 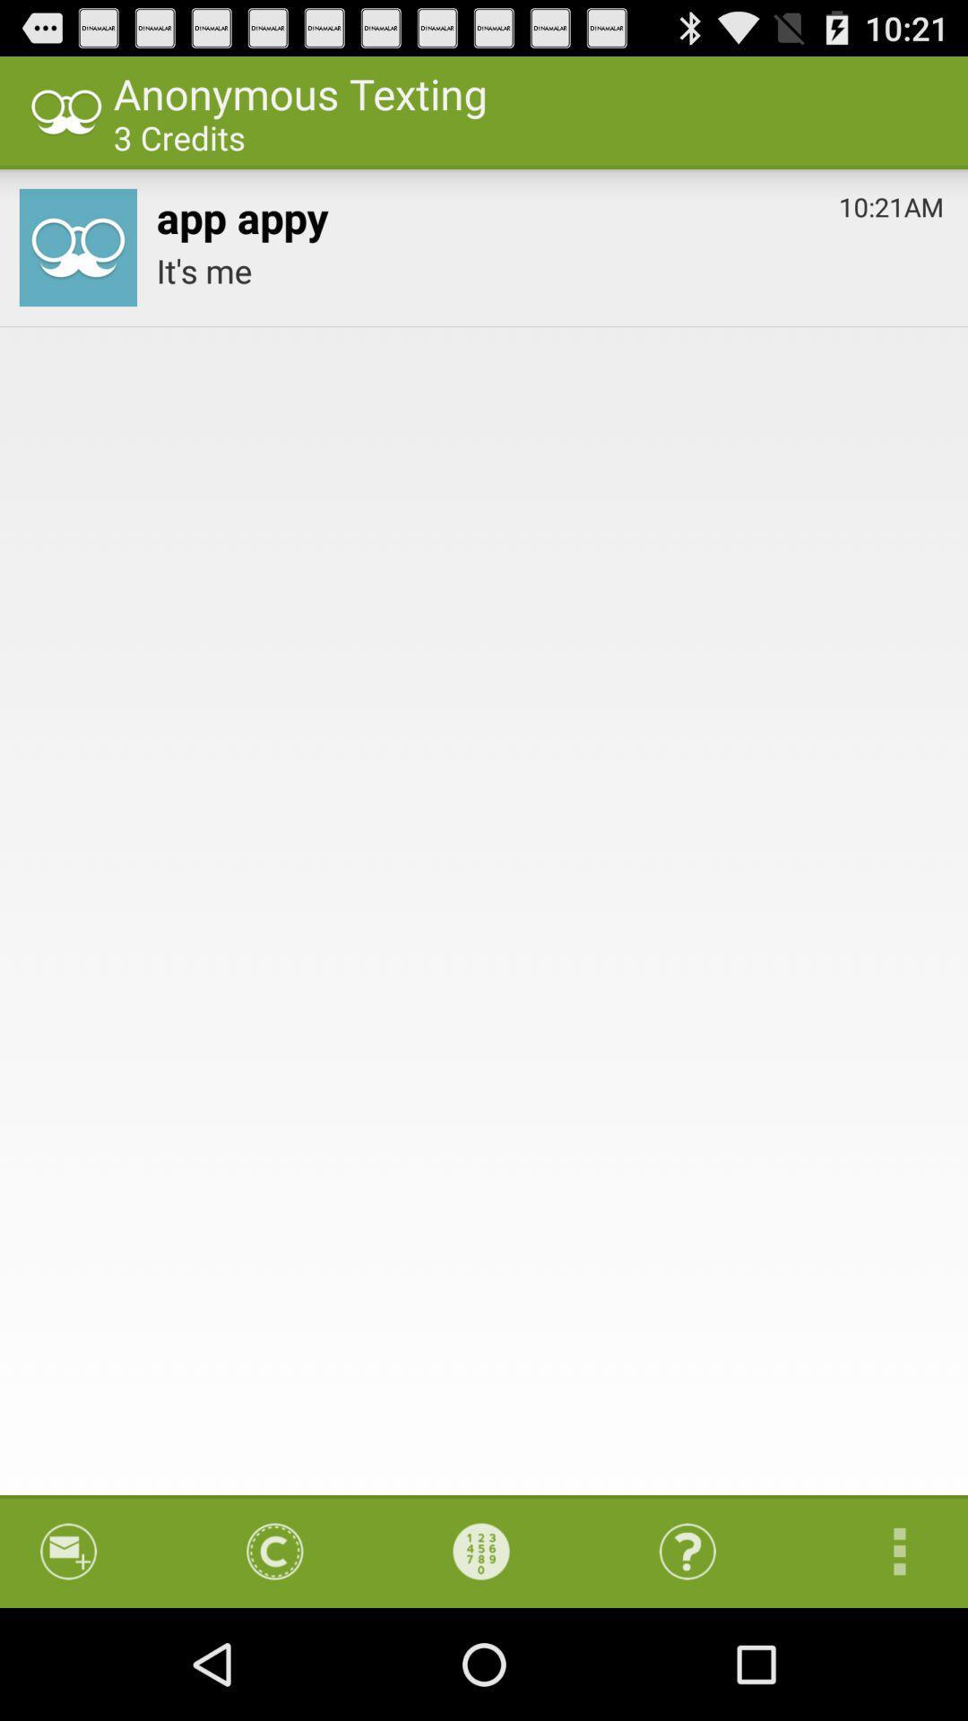 I want to click on the icon below 3 credits icon, so click(x=242, y=213).